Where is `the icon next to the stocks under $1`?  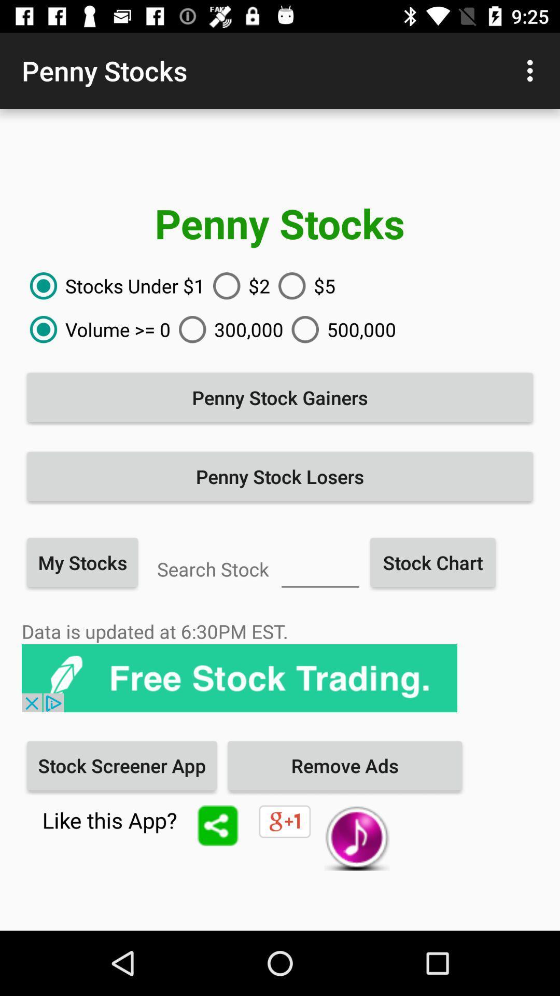
the icon next to the stocks under $1 is located at coordinates (237, 286).